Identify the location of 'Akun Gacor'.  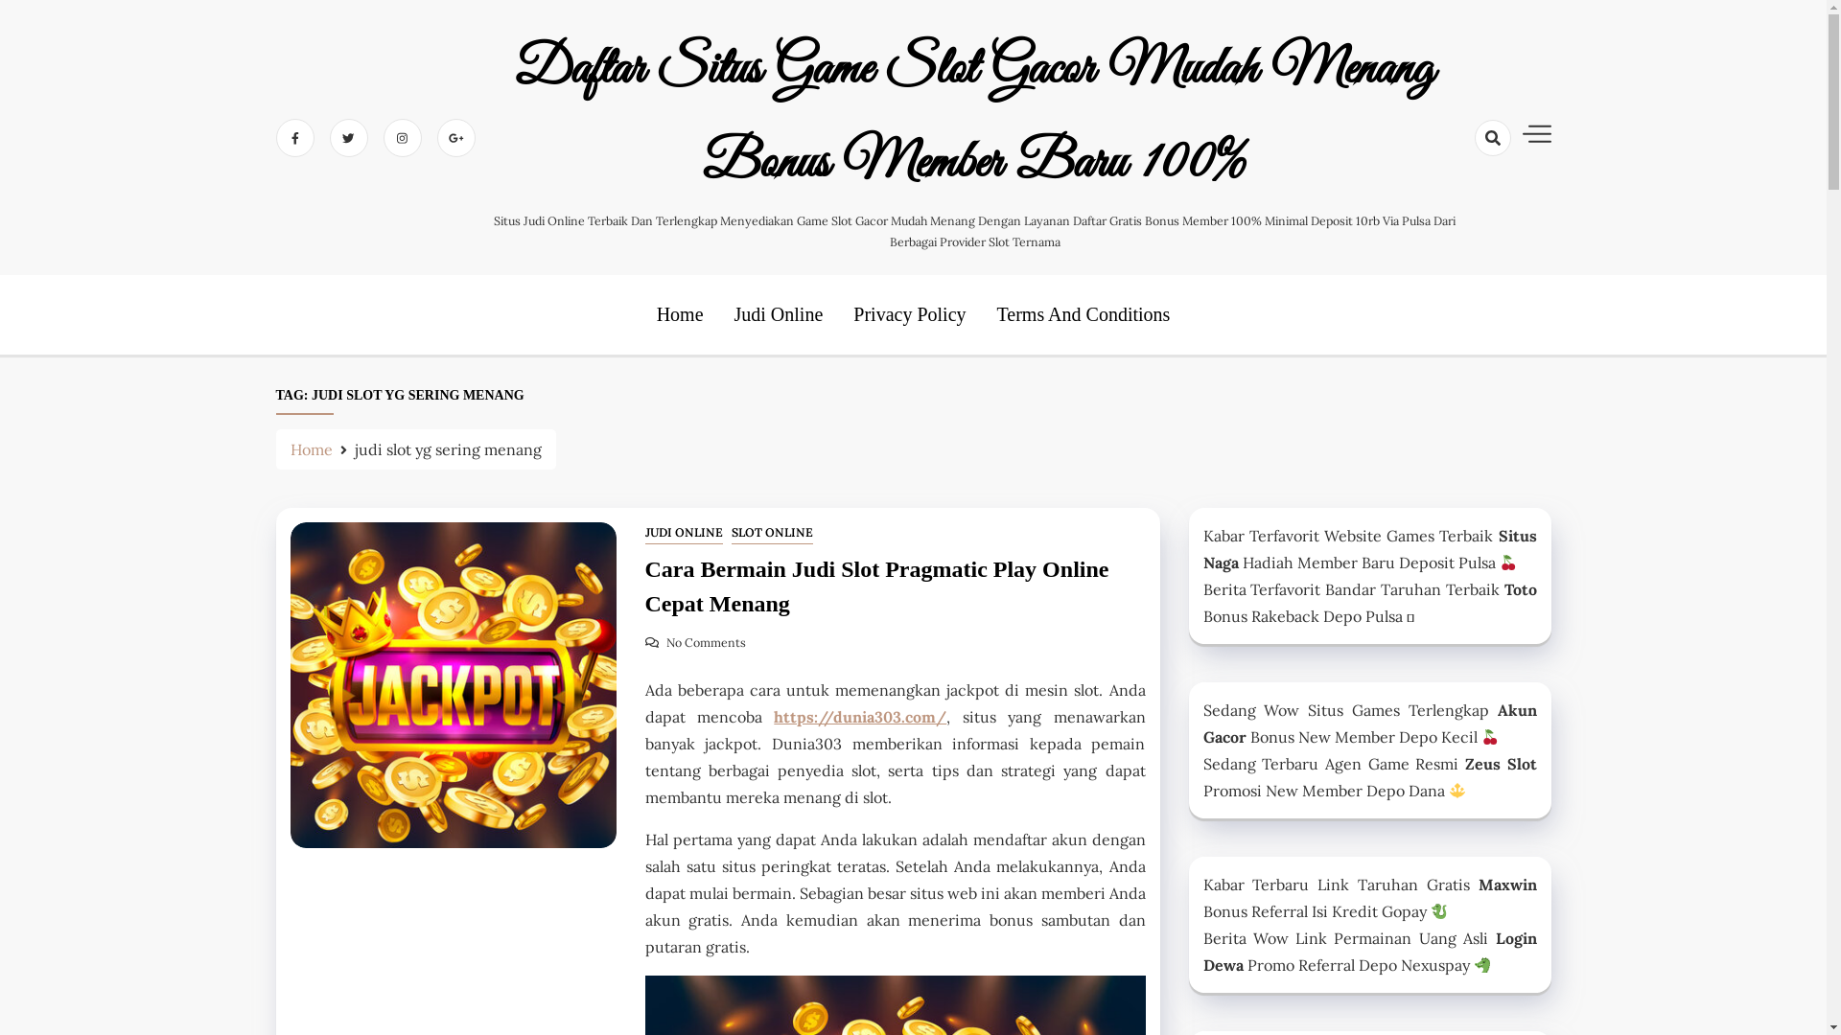
(1367, 724).